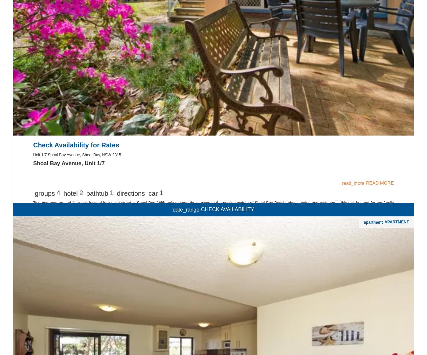 The height and width of the screenshot is (355, 427). I want to click on '2', so click(80, 277).